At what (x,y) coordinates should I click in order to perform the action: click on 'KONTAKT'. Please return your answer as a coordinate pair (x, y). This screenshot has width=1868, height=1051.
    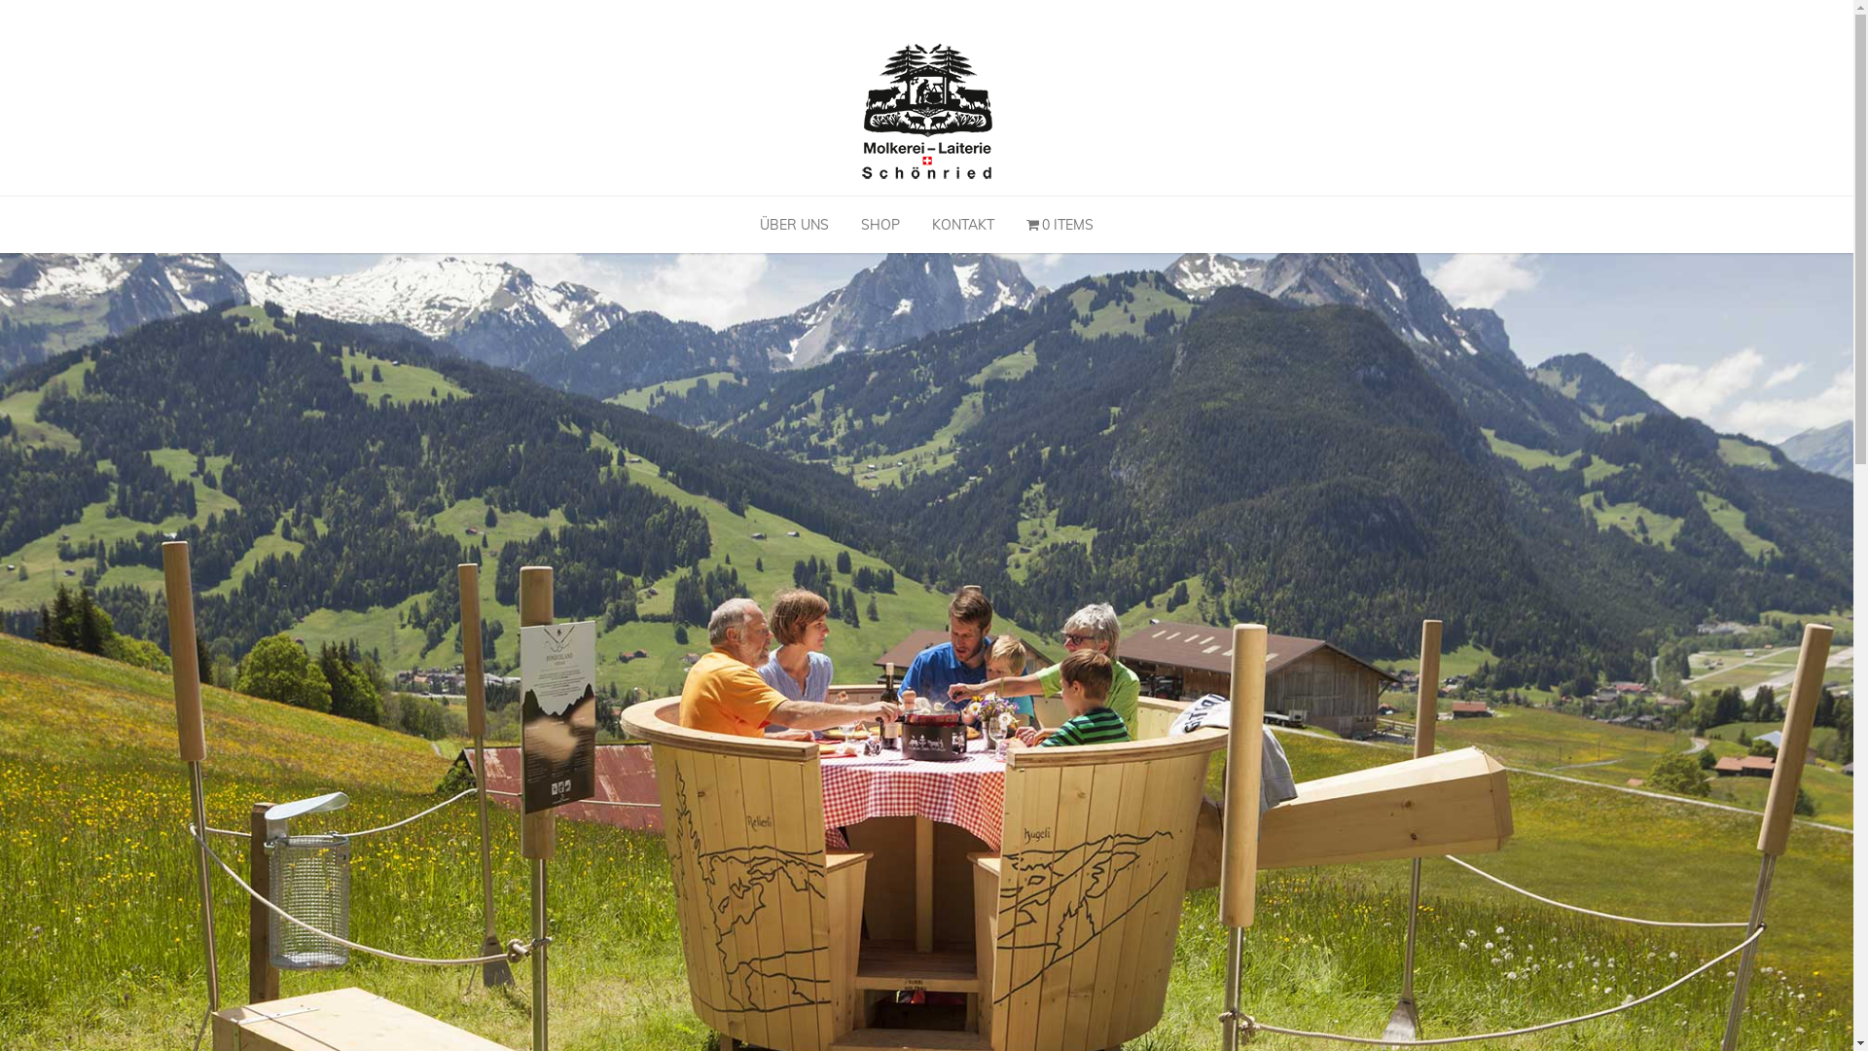
    Looking at the image, I should click on (962, 224).